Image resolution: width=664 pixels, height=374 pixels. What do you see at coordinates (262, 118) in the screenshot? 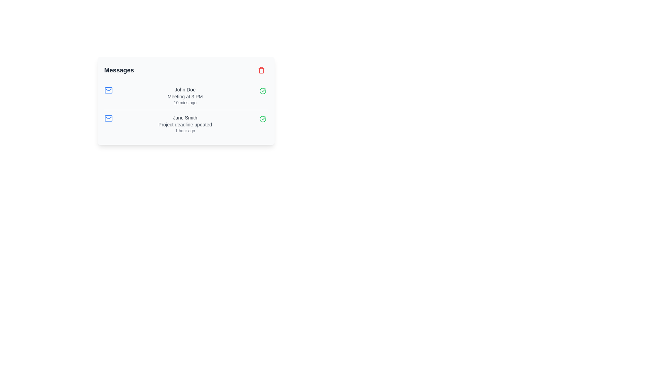
I see `the approval icon` at bounding box center [262, 118].